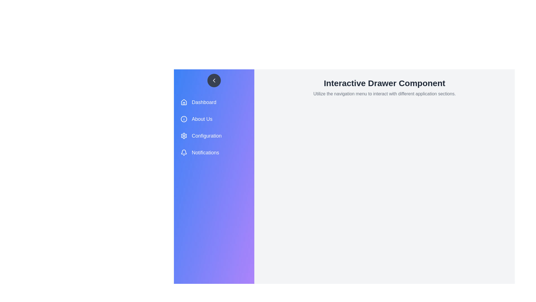  I want to click on the bell-shaped notification icon located in the fourth entry of the vertical navigation menu, so click(184, 152).